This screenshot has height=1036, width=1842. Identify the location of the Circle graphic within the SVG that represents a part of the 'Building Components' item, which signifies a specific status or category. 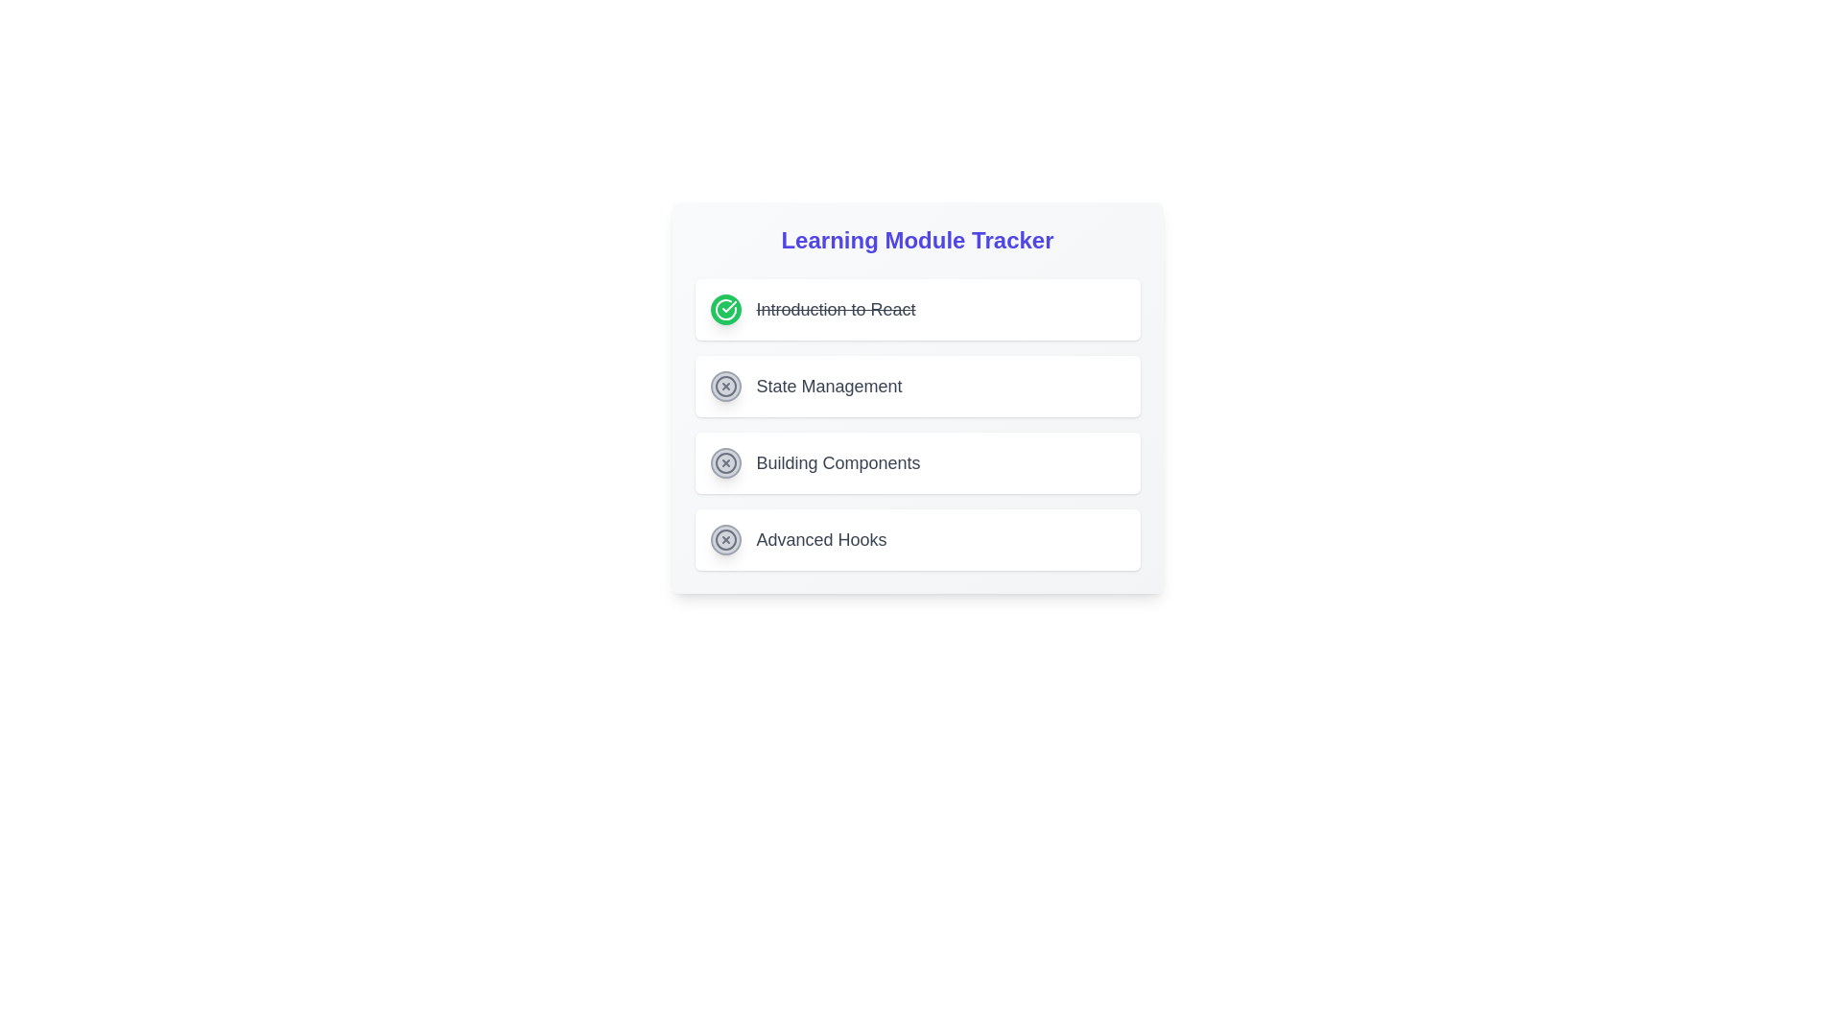
(724, 462).